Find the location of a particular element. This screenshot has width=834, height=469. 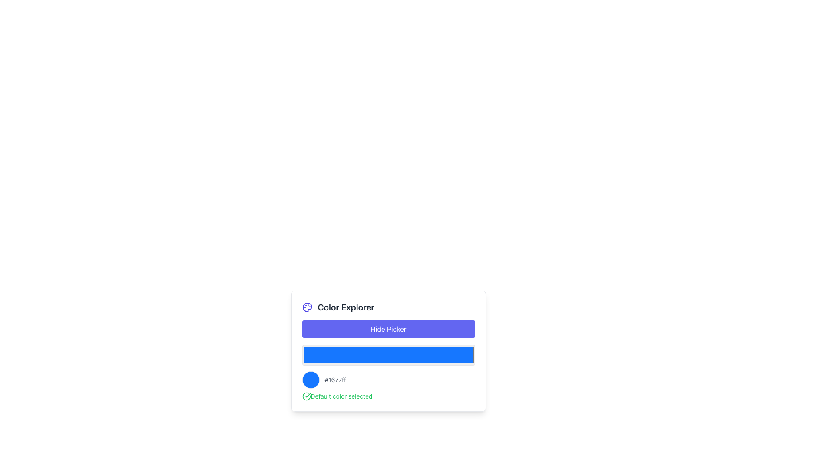

the color input or preview bar which displays the color value #1677ff, located beneath the 'Hide Picker' button and above a blue circle and color code label is located at coordinates (388, 350).